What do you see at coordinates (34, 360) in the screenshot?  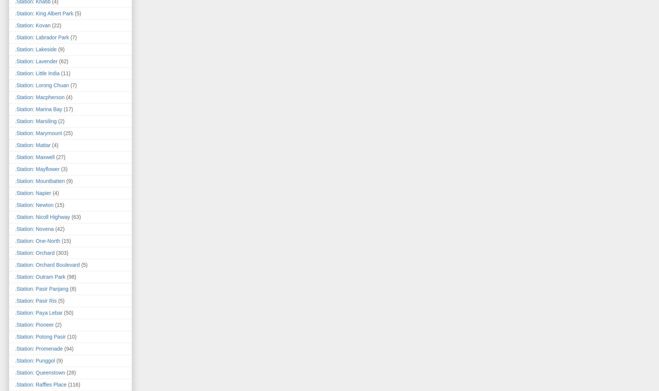 I see `'.Station: Punggol'` at bounding box center [34, 360].